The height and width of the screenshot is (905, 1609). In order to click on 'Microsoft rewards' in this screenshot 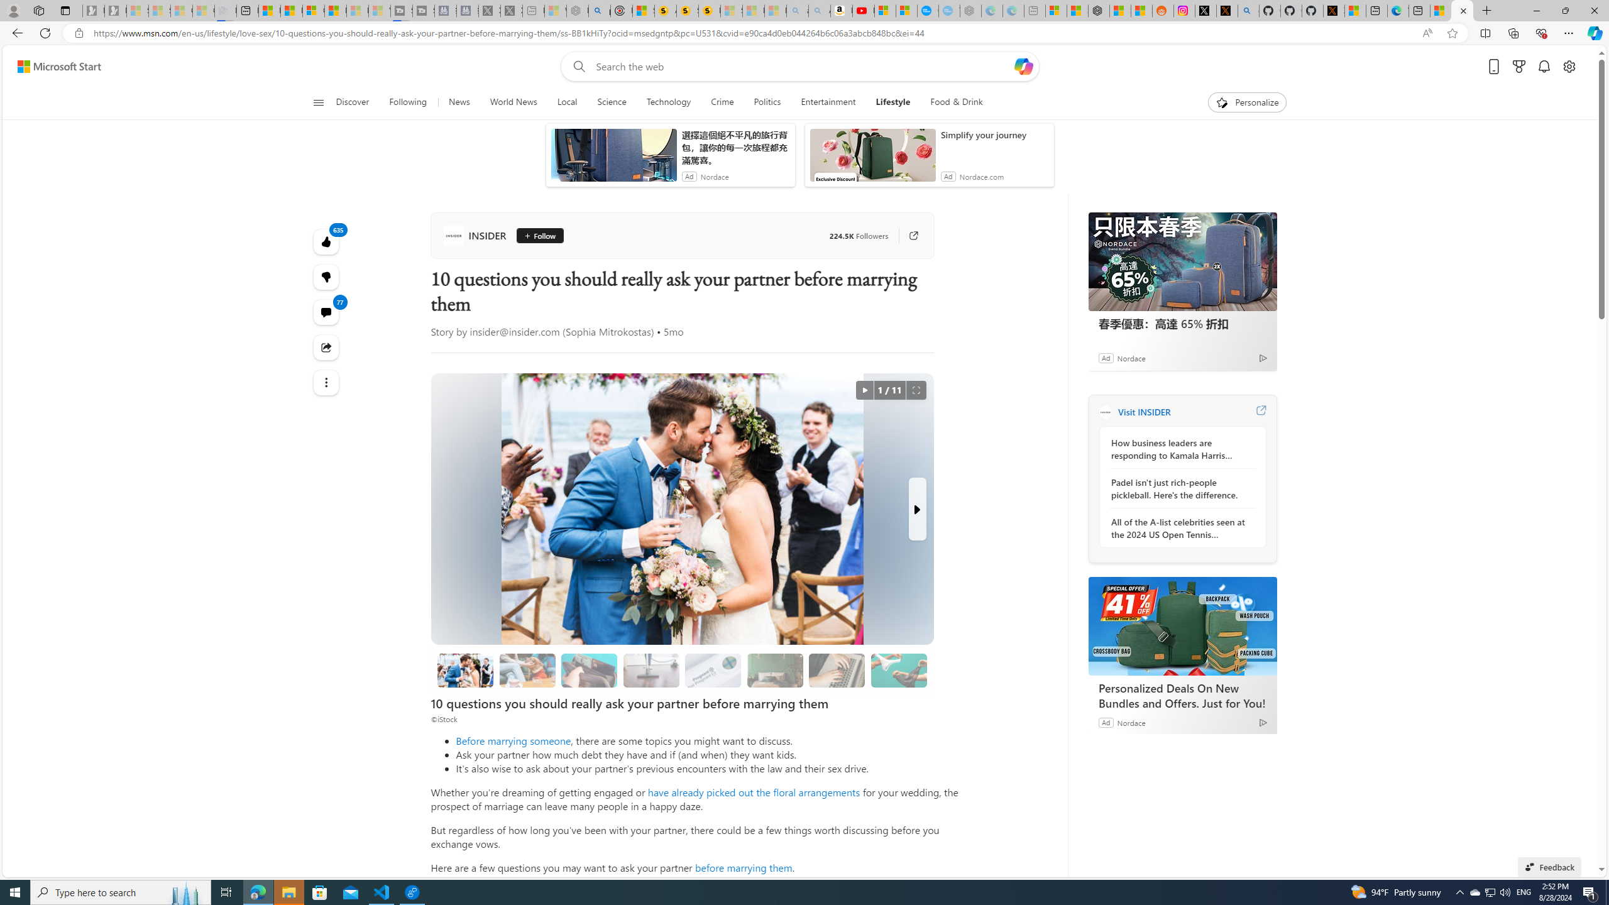, I will do `click(1518, 67)`.